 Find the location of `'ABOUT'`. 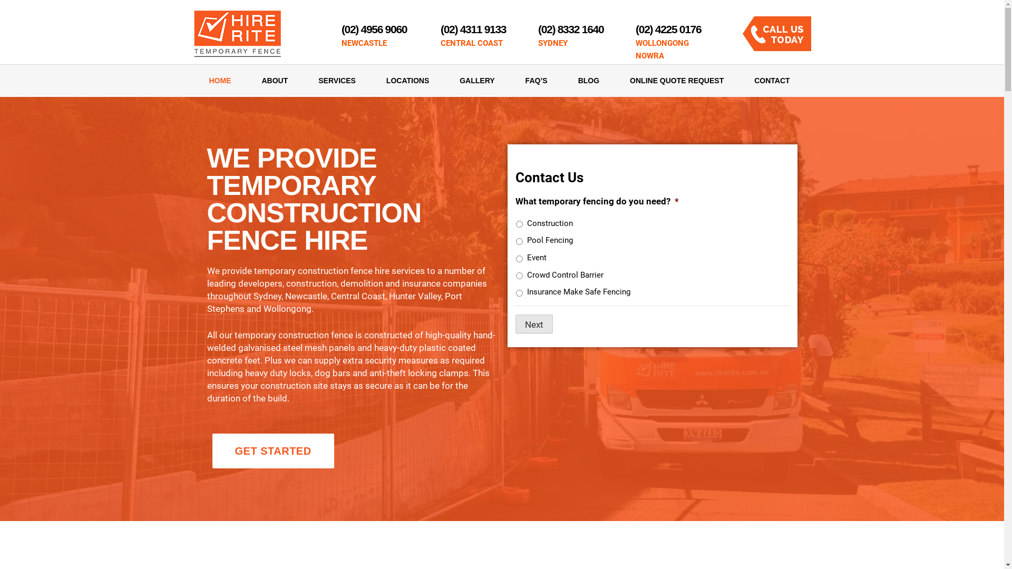

'ABOUT' is located at coordinates (275, 80).